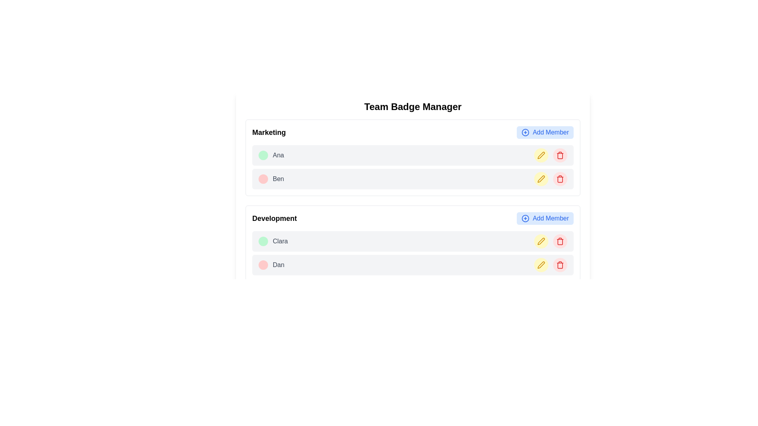  What do you see at coordinates (541, 178) in the screenshot?
I see `the edit button (icon styled as a pen) located next to 'Ben' in the 'Marketing' section to initiate the edit action` at bounding box center [541, 178].